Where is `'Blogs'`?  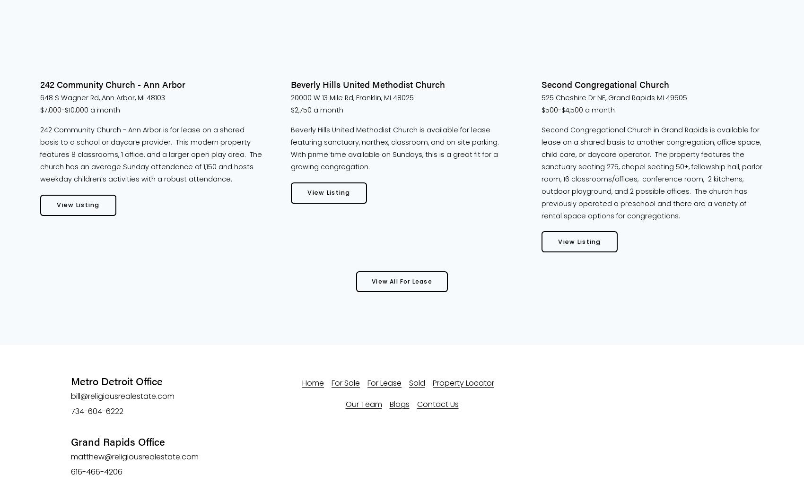
'Blogs' is located at coordinates (399, 404).